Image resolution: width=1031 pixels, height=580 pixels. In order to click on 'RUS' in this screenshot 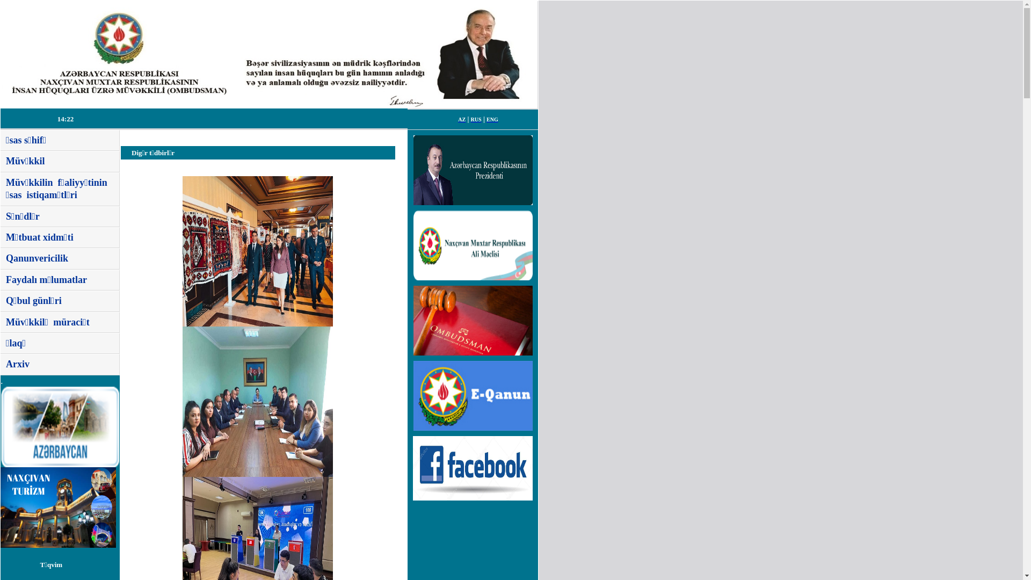, I will do `click(471, 119)`.